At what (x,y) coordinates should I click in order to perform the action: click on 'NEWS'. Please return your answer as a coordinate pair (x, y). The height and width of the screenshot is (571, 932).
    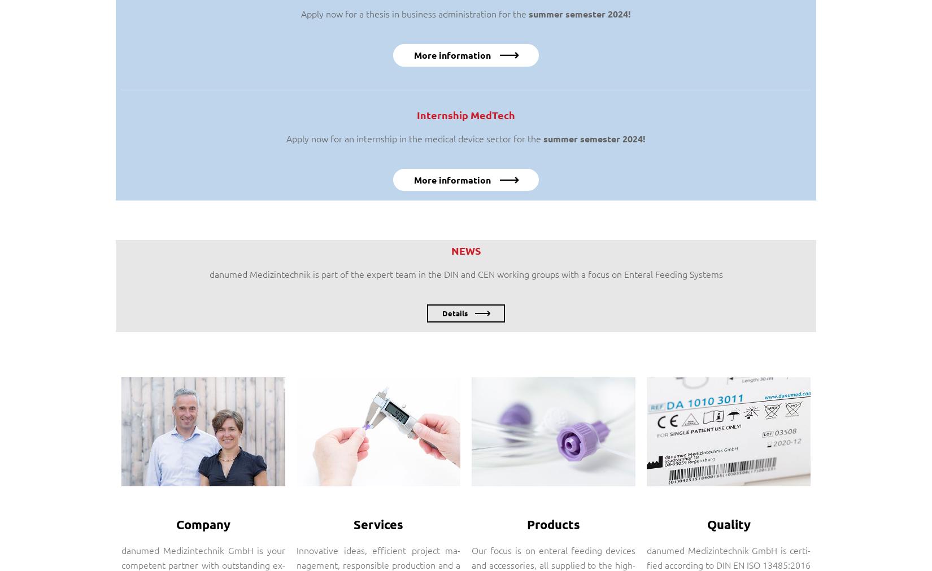
    Looking at the image, I should click on (466, 249).